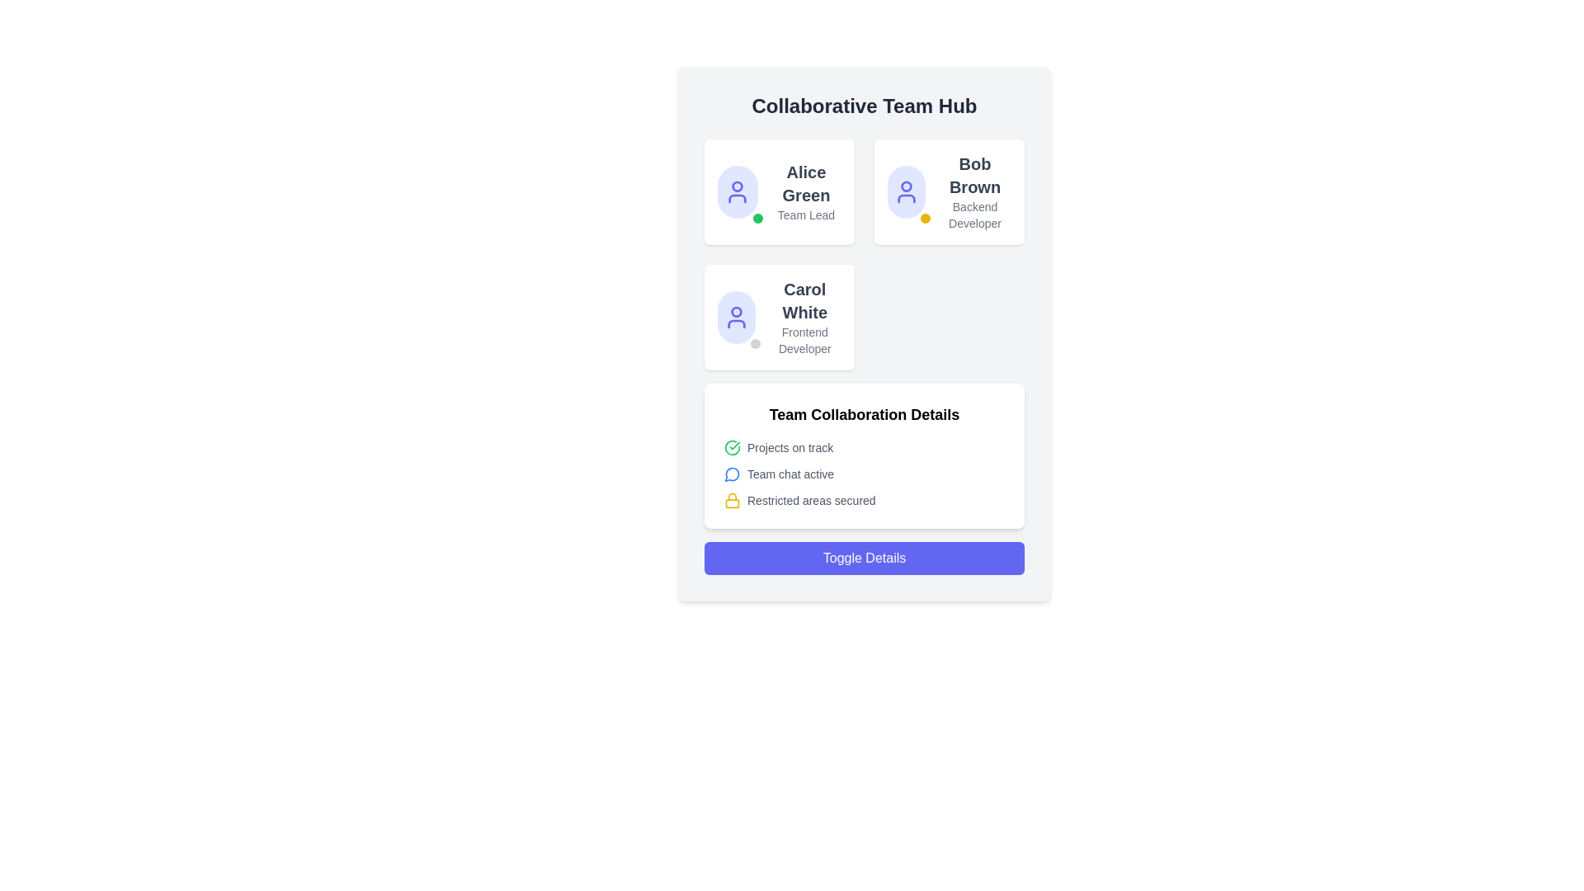 The image size is (1584, 891). Describe the element at coordinates (779, 191) in the screenshot. I see `the team member card for 'Alice Green', which features a circular avatar, a green status indicator, and displays 'Alice Green' in bold with the role 'Team Lead' beneath` at that location.